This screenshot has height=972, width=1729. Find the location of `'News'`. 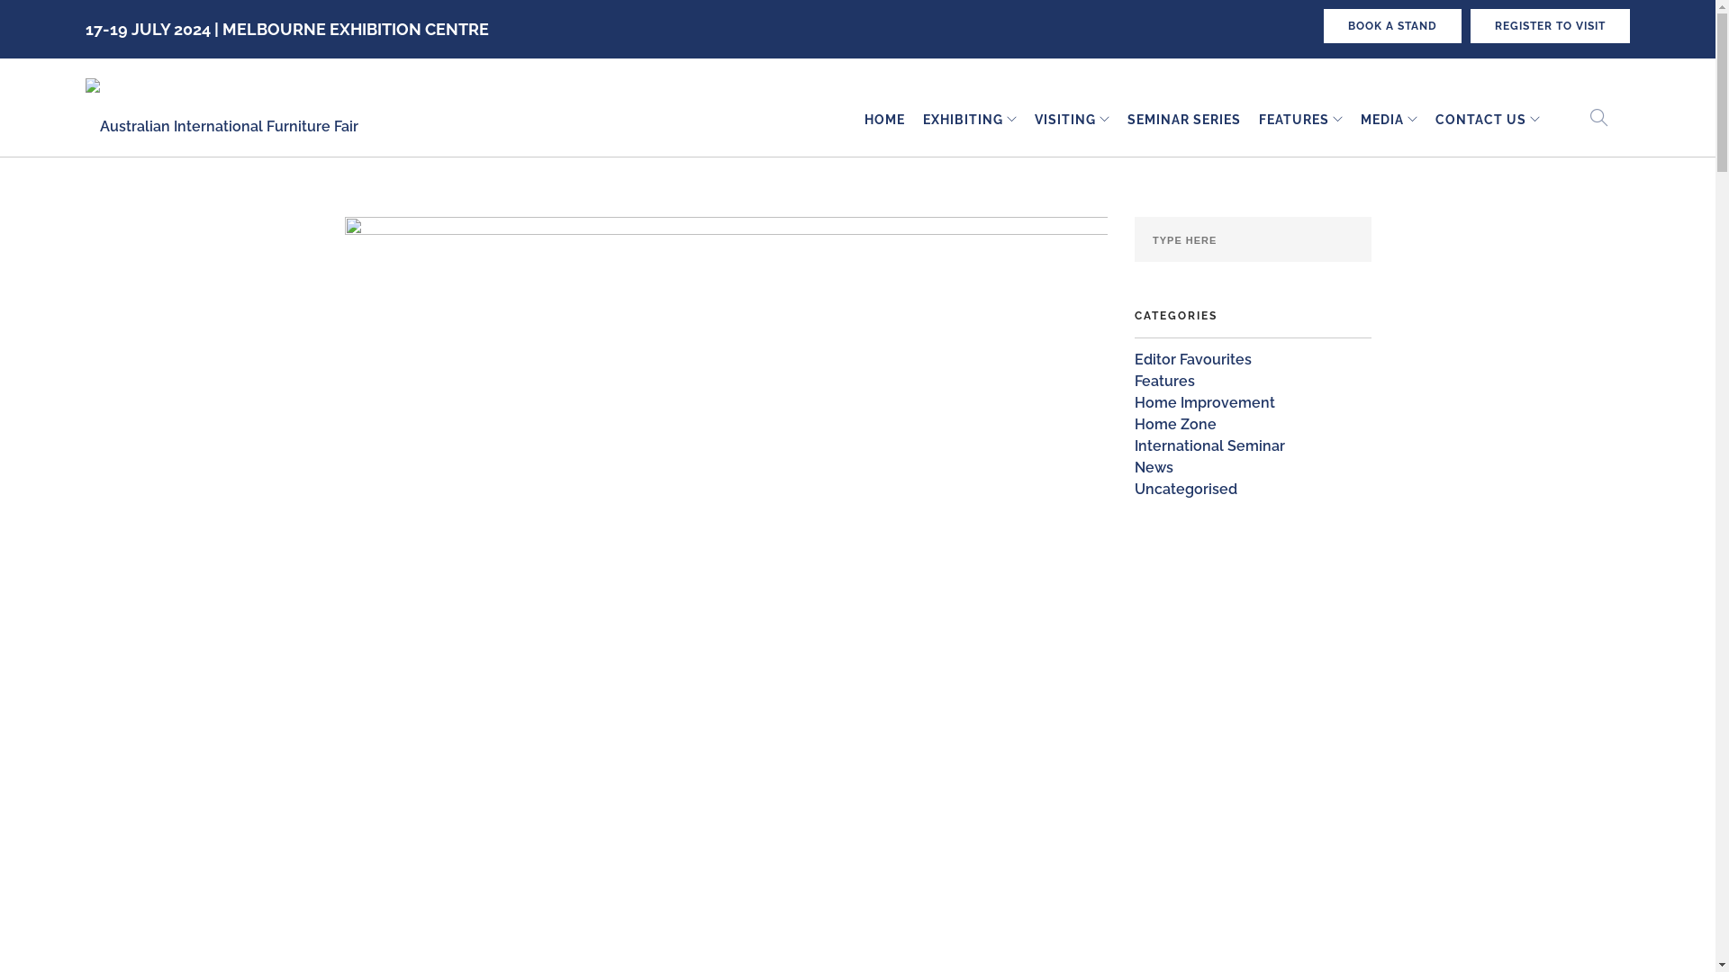

'News' is located at coordinates (1154, 466).